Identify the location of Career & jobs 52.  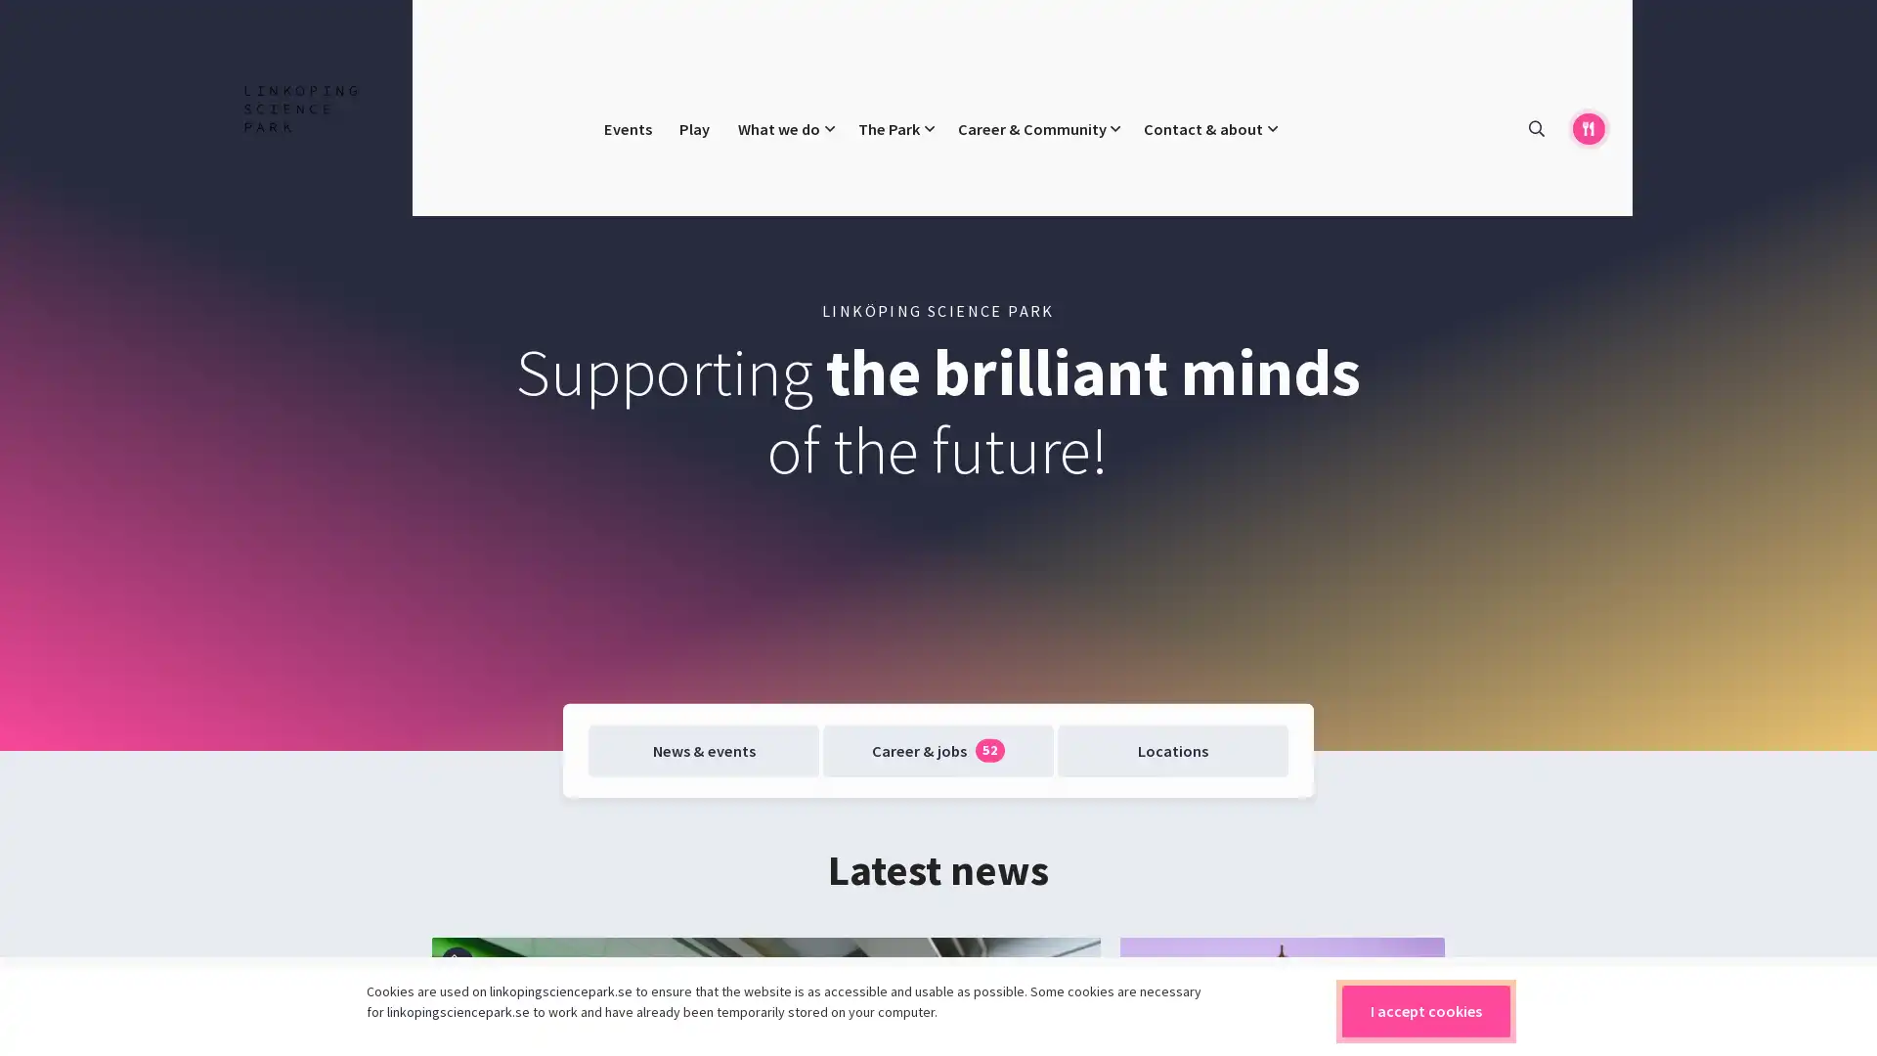
(937, 749).